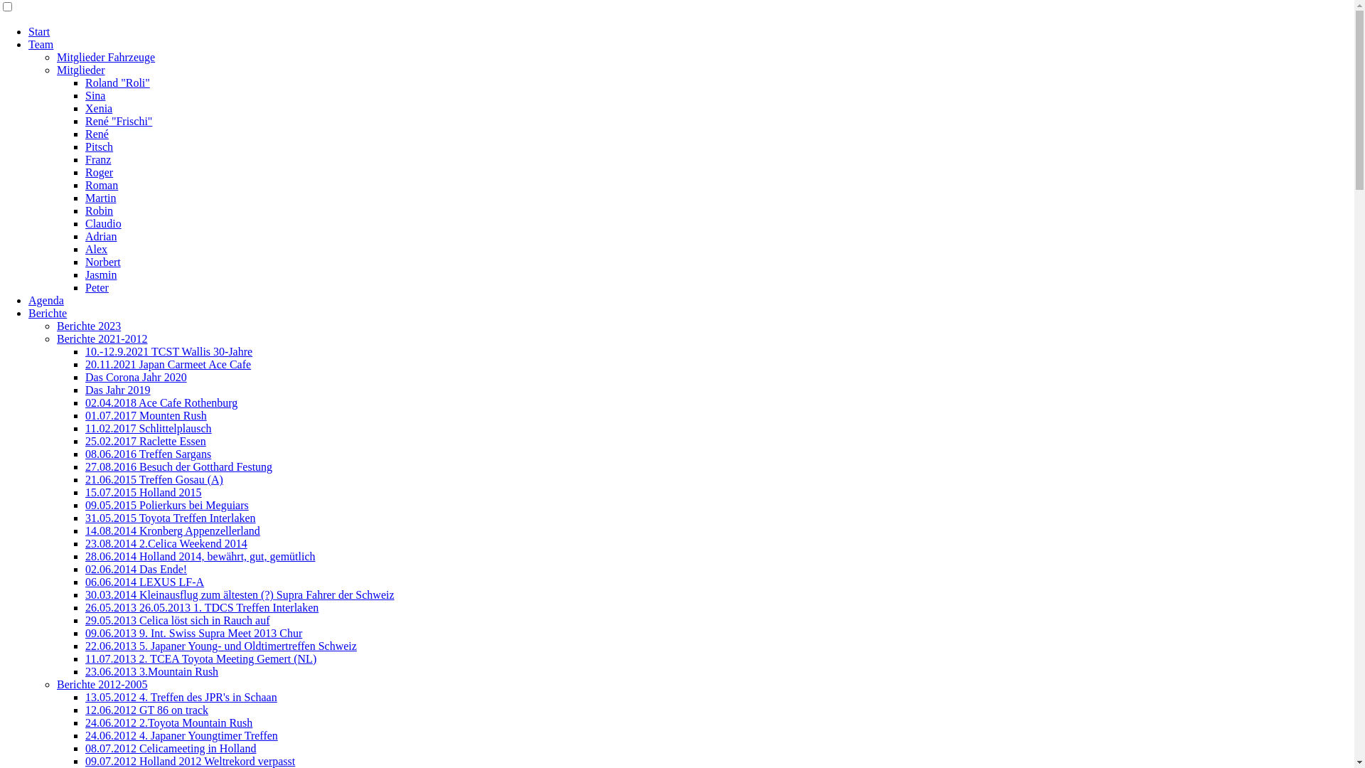  I want to click on 'Das Corona Jahr 2020', so click(85, 376).